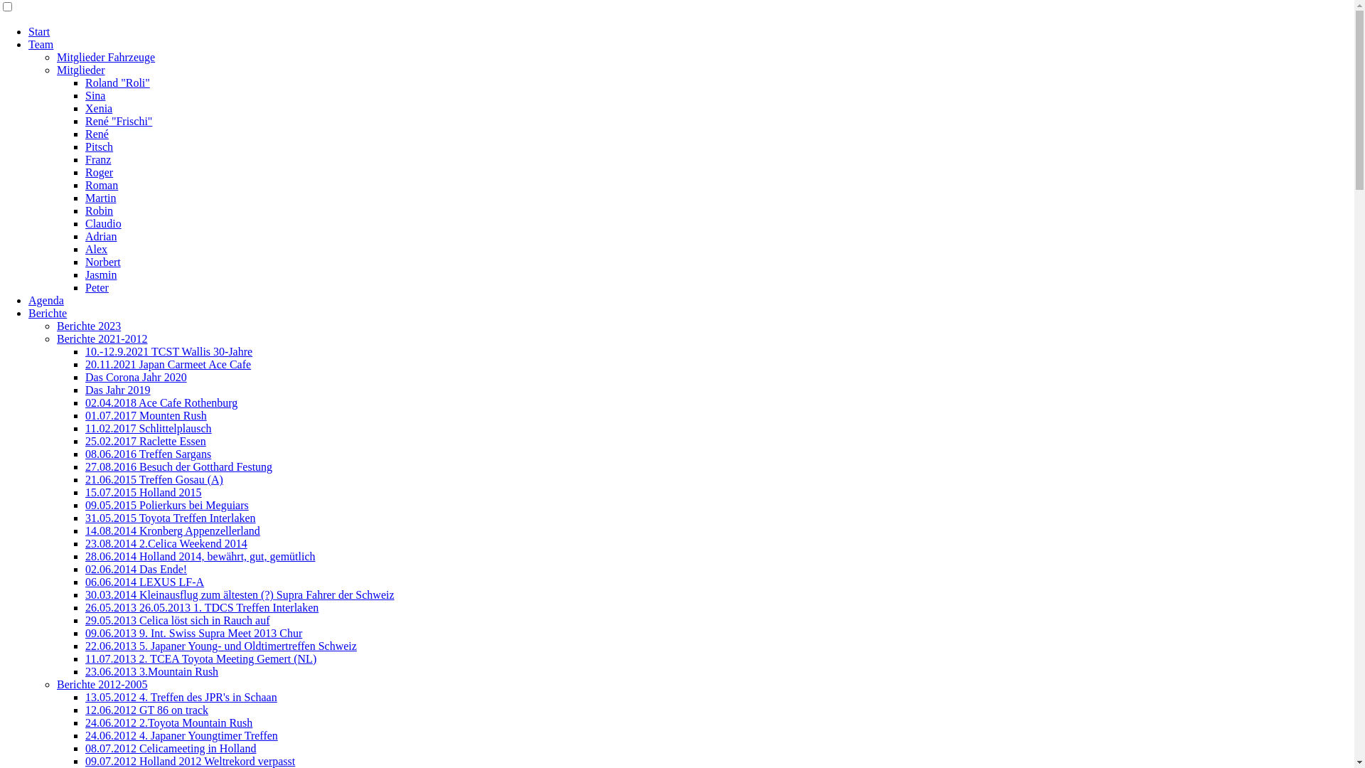  I want to click on 'Das Corona Jahr 2020', so click(85, 376).